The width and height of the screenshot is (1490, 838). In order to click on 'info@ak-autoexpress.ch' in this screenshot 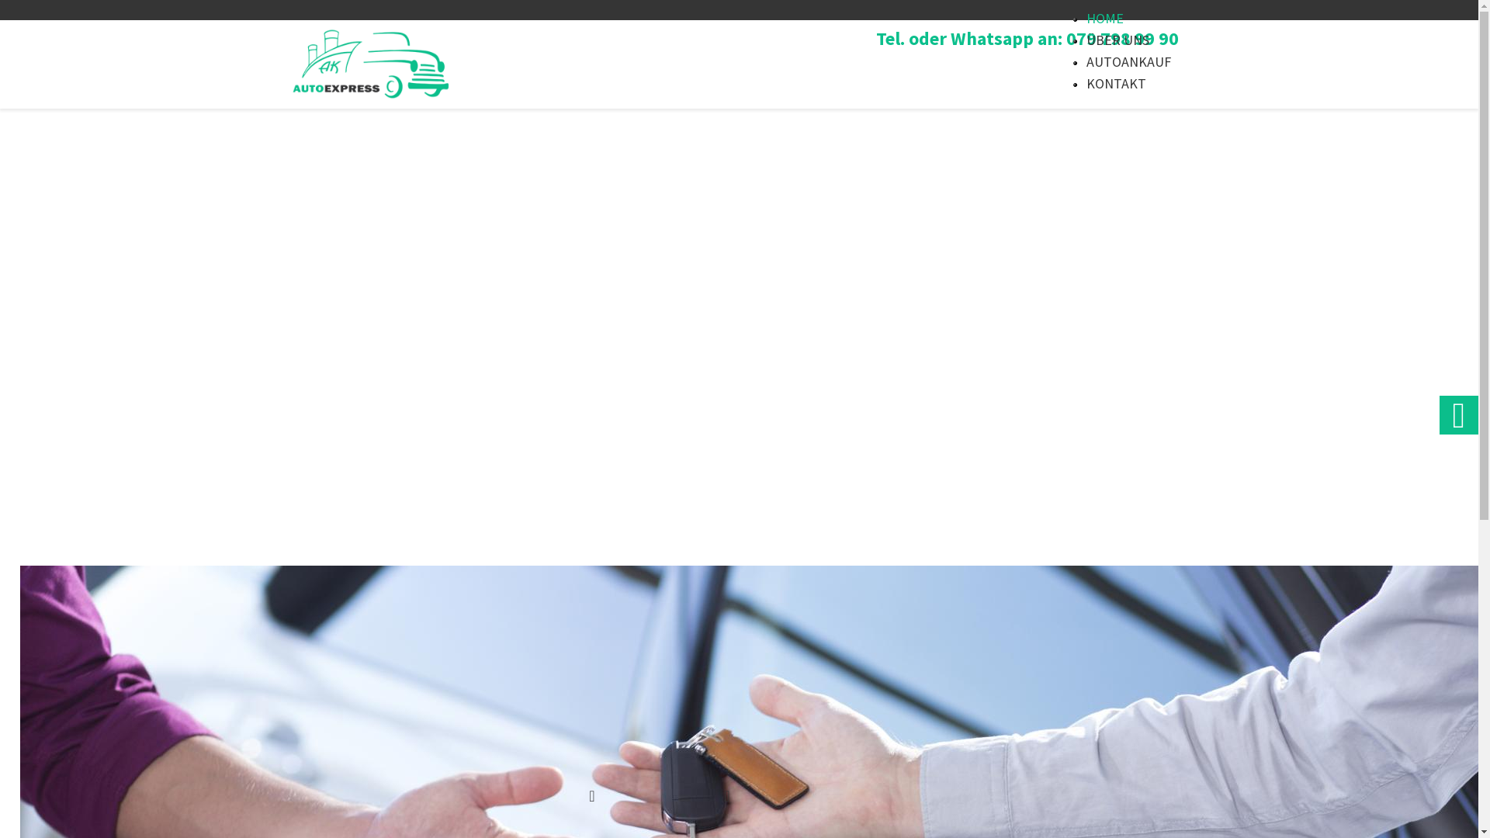, I will do `click(816, 795)`.